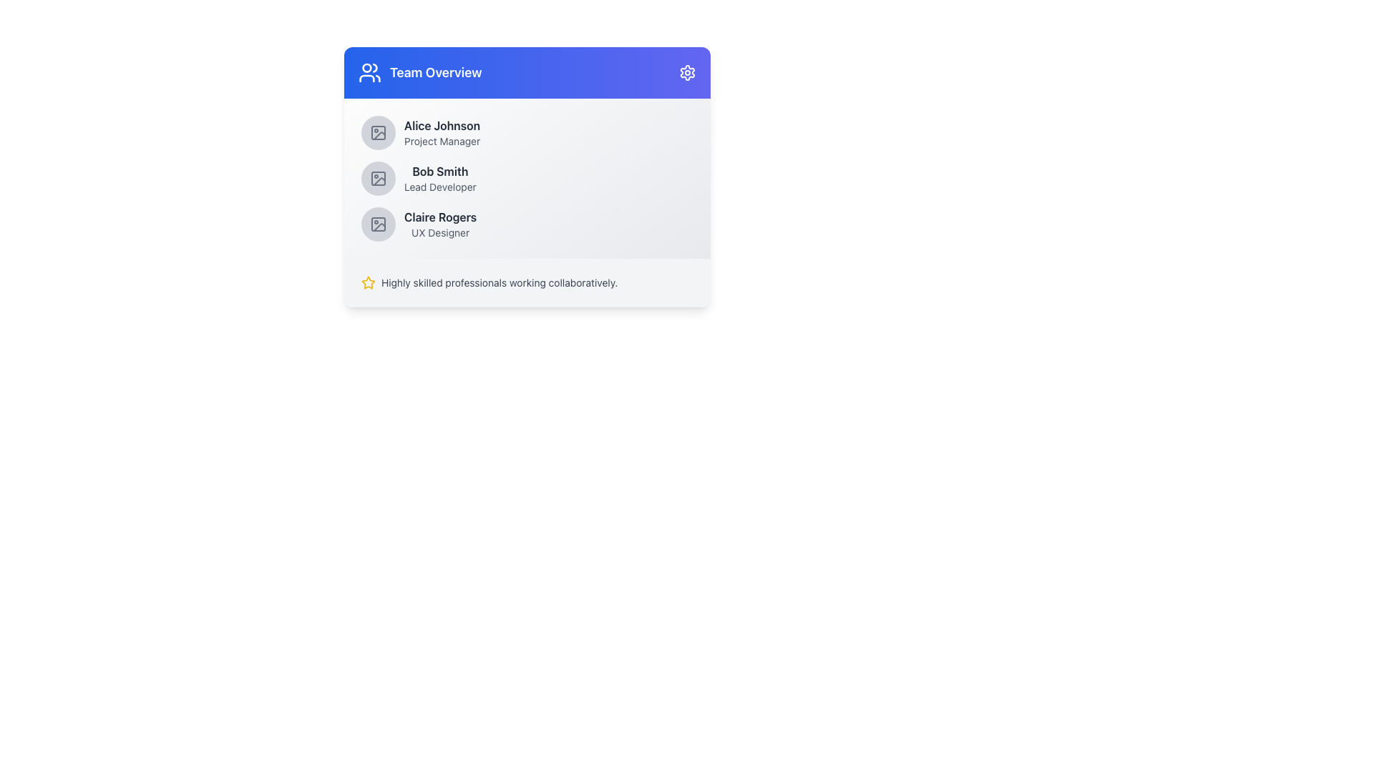 The width and height of the screenshot is (1374, 772). I want to click on the List Item element displaying 'Claire Rogers' and 'UX Designer', so click(527, 224).